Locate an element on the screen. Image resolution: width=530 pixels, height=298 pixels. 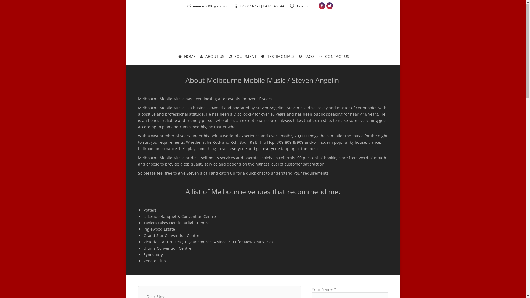
'Twitter' is located at coordinates (330, 6).